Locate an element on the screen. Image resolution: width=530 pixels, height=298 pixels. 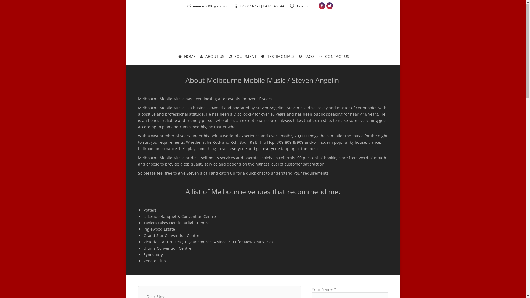
'Twitter' is located at coordinates (330, 6).